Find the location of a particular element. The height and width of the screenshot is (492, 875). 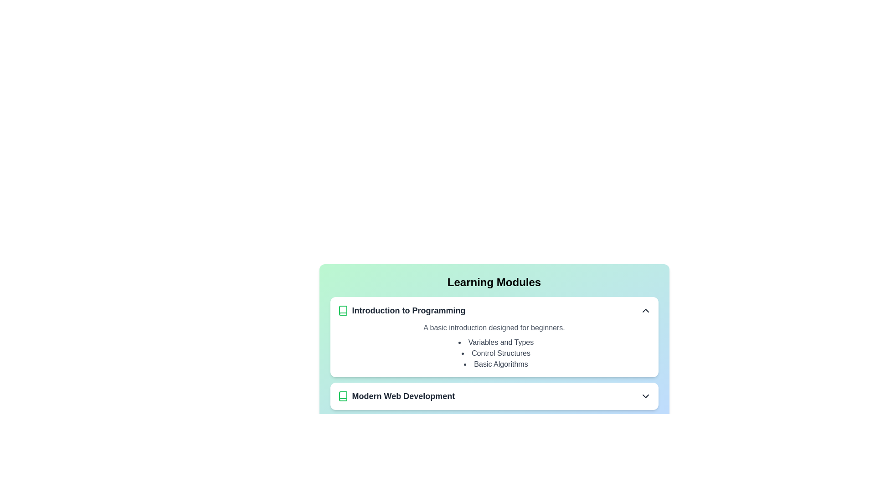

bulleted list located in the 'Introduction to Programming' section under the 'Learning Modules' heading, situated between a short description and the next section divider is located at coordinates (494, 353).